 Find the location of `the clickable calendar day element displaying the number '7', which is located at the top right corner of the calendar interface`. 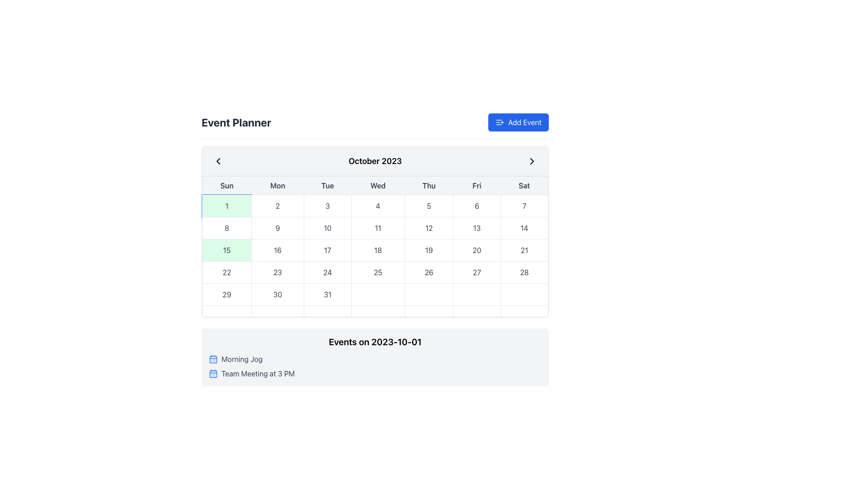

the clickable calendar day element displaying the number '7', which is located at the top right corner of the calendar interface is located at coordinates (524, 206).